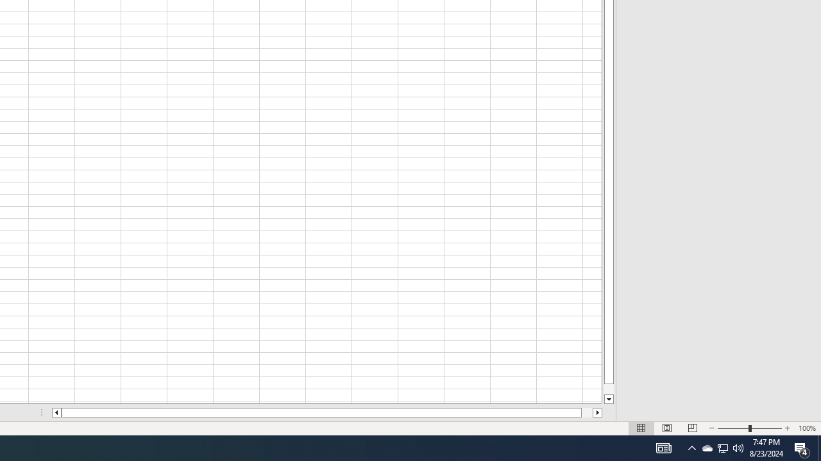 The width and height of the screenshot is (821, 461). What do you see at coordinates (786, 428) in the screenshot?
I see `'Zoom In'` at bounding box center [786, 428].